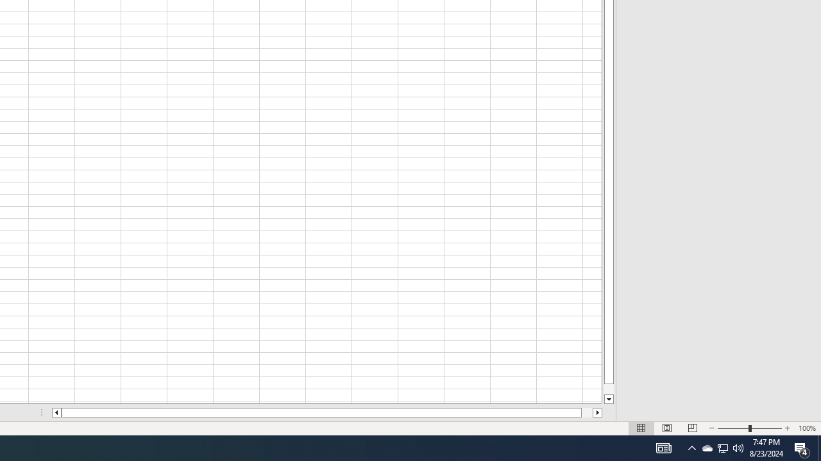 The width and height of the screenshot is (821, 461). What do you see at coordinates (786, 428) in the screenshot?
I see `'Zoom In'` at bounding box center [786, 428].